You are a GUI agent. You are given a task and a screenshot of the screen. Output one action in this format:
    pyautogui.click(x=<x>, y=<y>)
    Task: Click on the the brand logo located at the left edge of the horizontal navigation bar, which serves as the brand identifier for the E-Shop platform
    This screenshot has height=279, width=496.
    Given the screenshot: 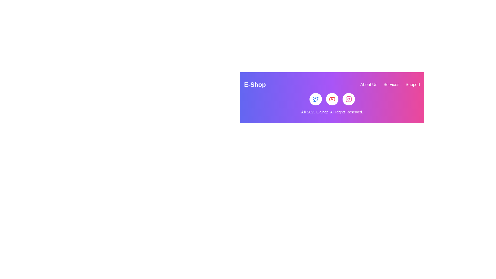 What is the action you would take?
    pyautogui.click(x=255, y=84)
    